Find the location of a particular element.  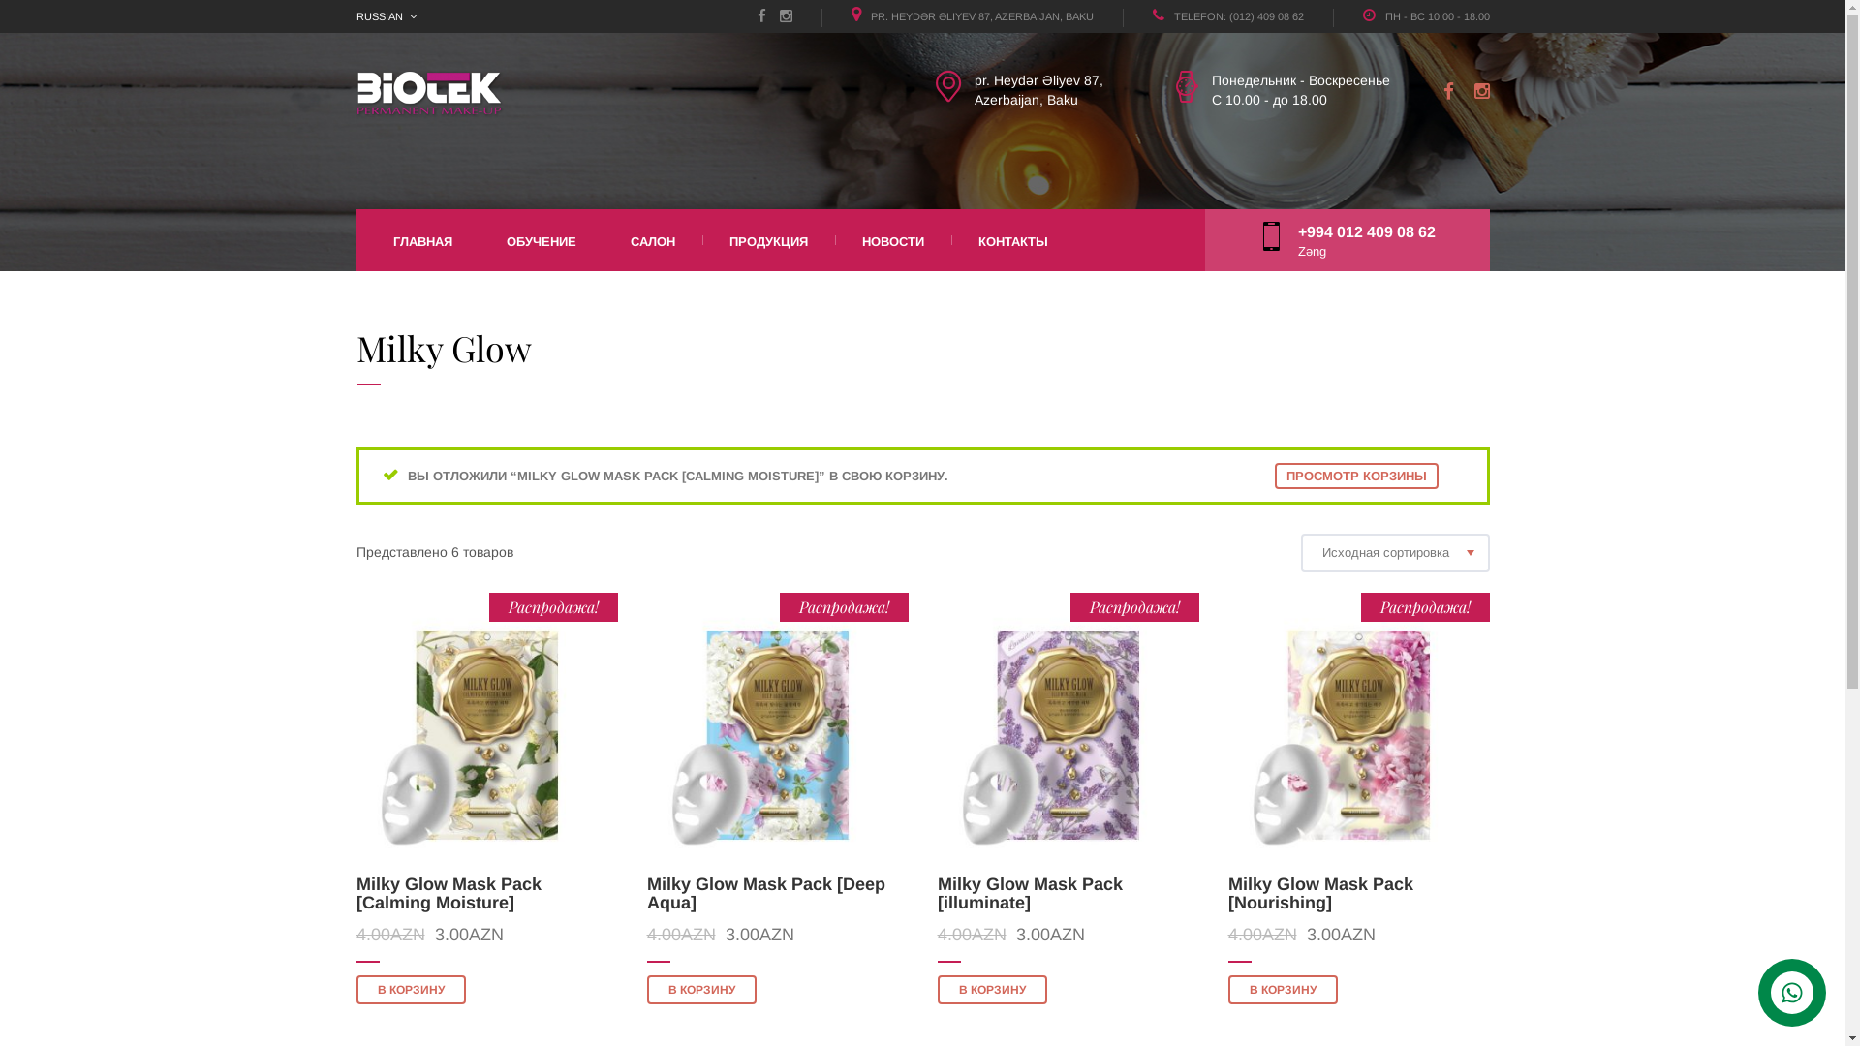

'Milky Glow Mask Pack [Deep Aqua]' is located at coordinates (765, 893).